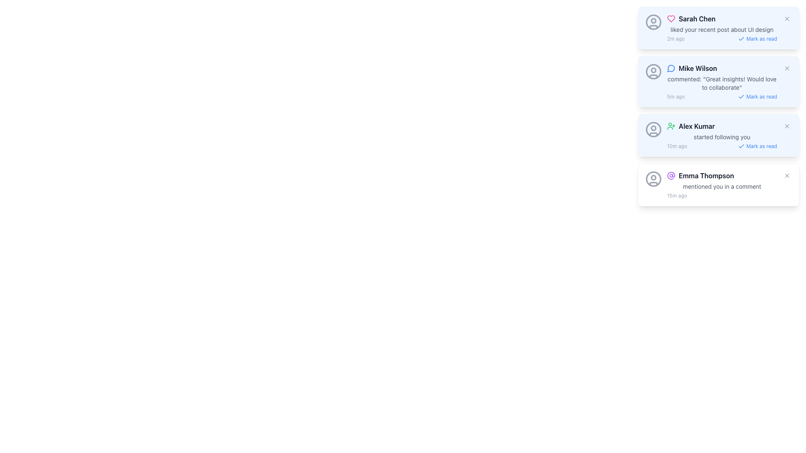 The image size is (806, 453). What do you see at coordinates (670, 19) in the screenshot?
I see `the heart-shaped pink icon located to the left of the name text 'Sarah Chen'` at bounding box center [670, 19].